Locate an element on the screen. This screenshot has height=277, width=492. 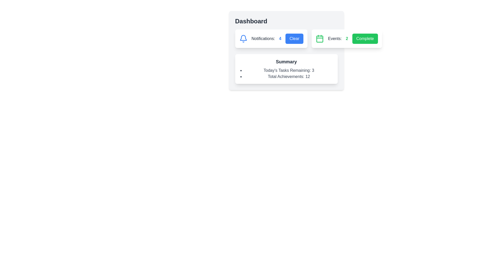
the informational list displaying tasks and achievements, located within the 'Summary' box below the 'Summary' header text is located at coordinates (286, 73).